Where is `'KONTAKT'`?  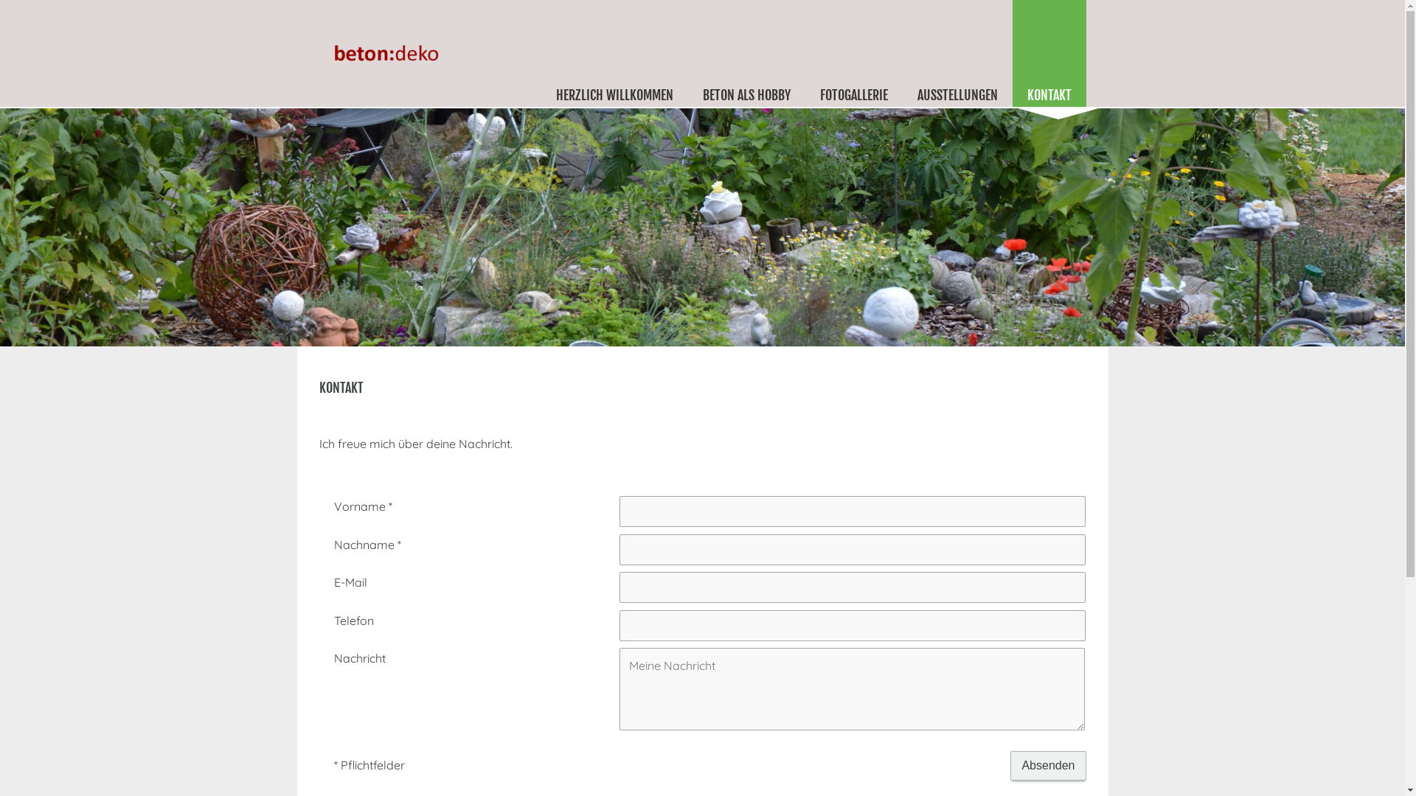 'KONTAKT' is located at coordinates (1047, 52).